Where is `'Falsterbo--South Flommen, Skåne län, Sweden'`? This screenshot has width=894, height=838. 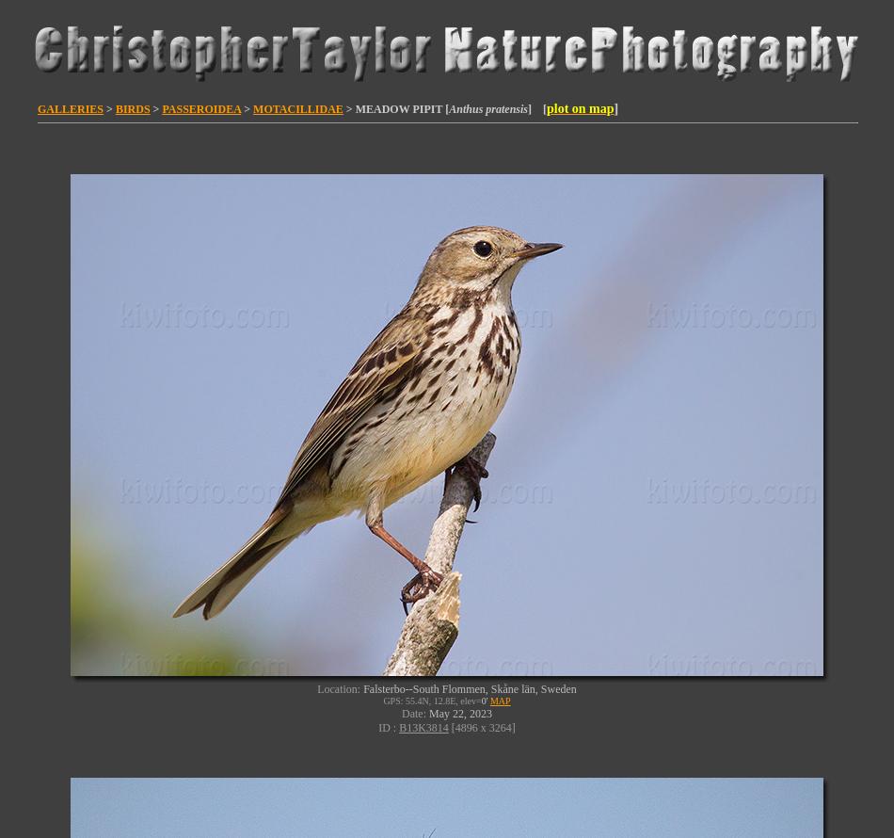 'Falsterbo--South Flommen, Skåne län, Sweden' is located at coordinates (361, 688).